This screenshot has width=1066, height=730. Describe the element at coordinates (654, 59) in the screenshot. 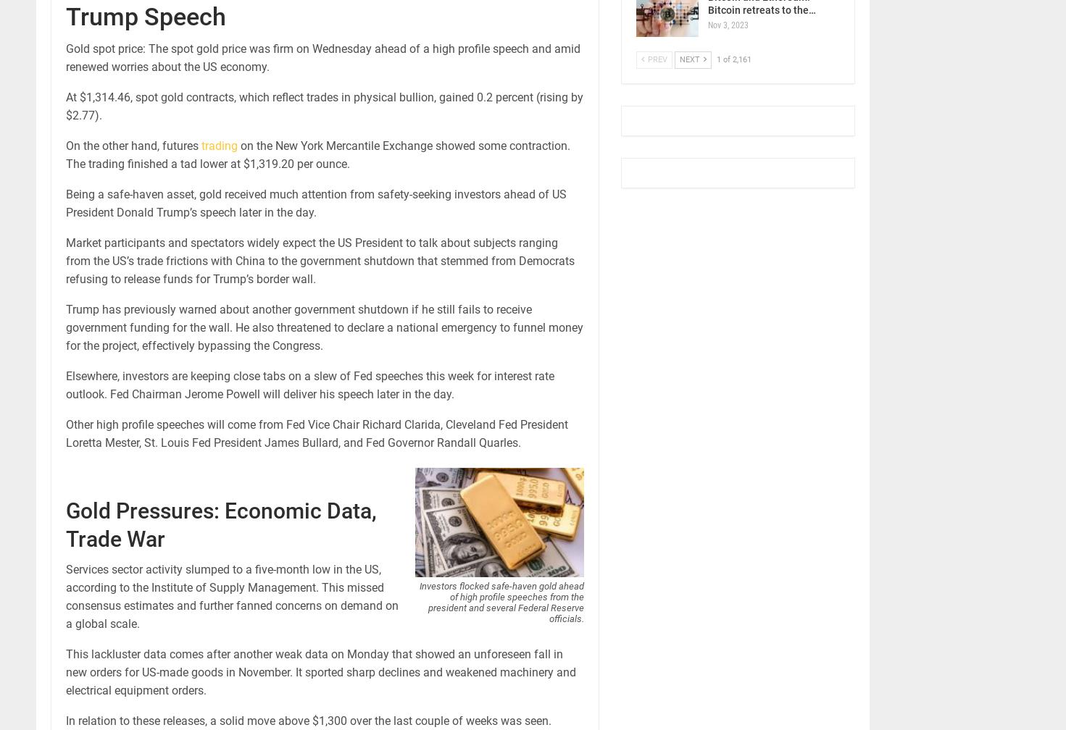

I see `'Prev'` at that location.